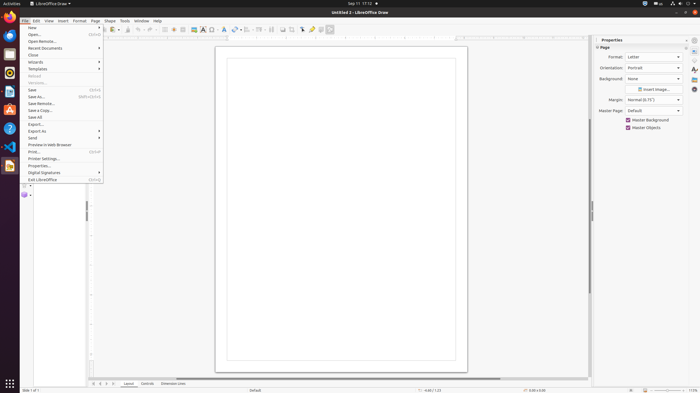 The image size is (700, 393). What do you see at coordinates (49, 21) in the screenshot?
I see `'View'` at bounding box center [49, 21].